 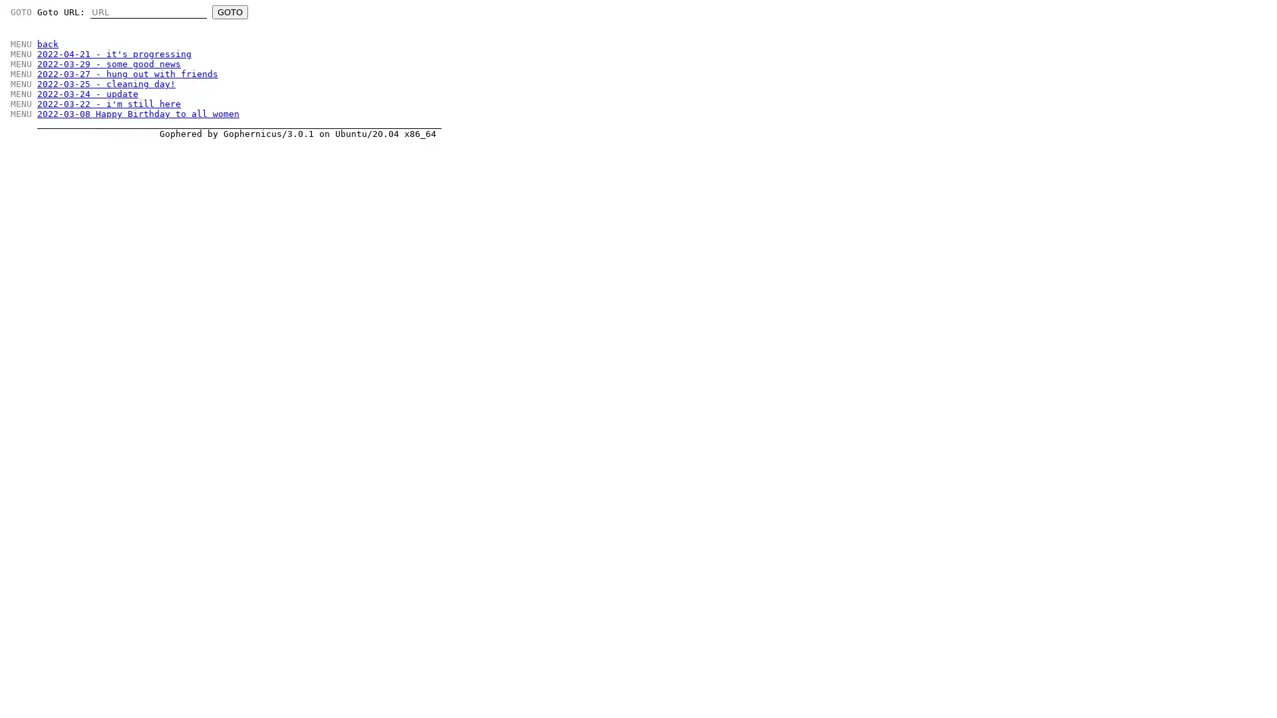 I want to click on GOTO, so click(x=229, y=12).